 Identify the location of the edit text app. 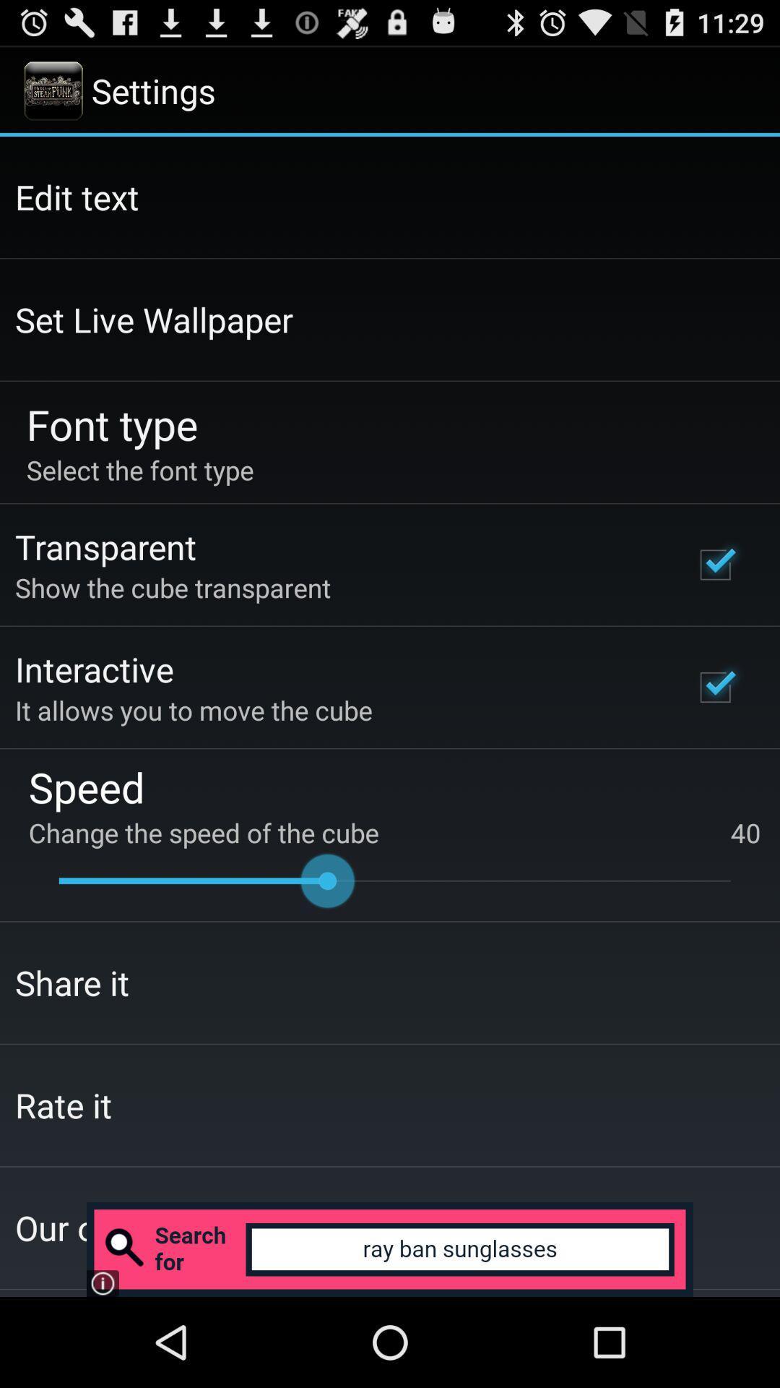
(77, 196).